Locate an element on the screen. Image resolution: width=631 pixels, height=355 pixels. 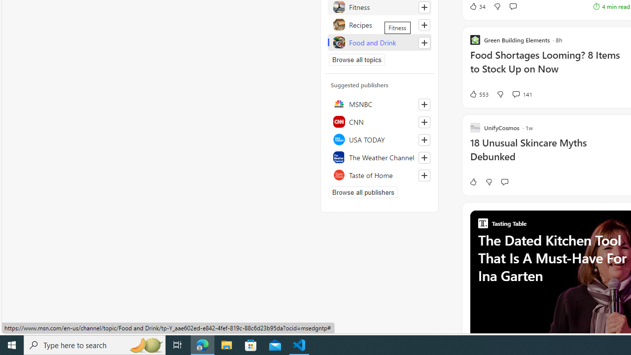
'View comments 141 Comment' is located at coordinates (522, 94).